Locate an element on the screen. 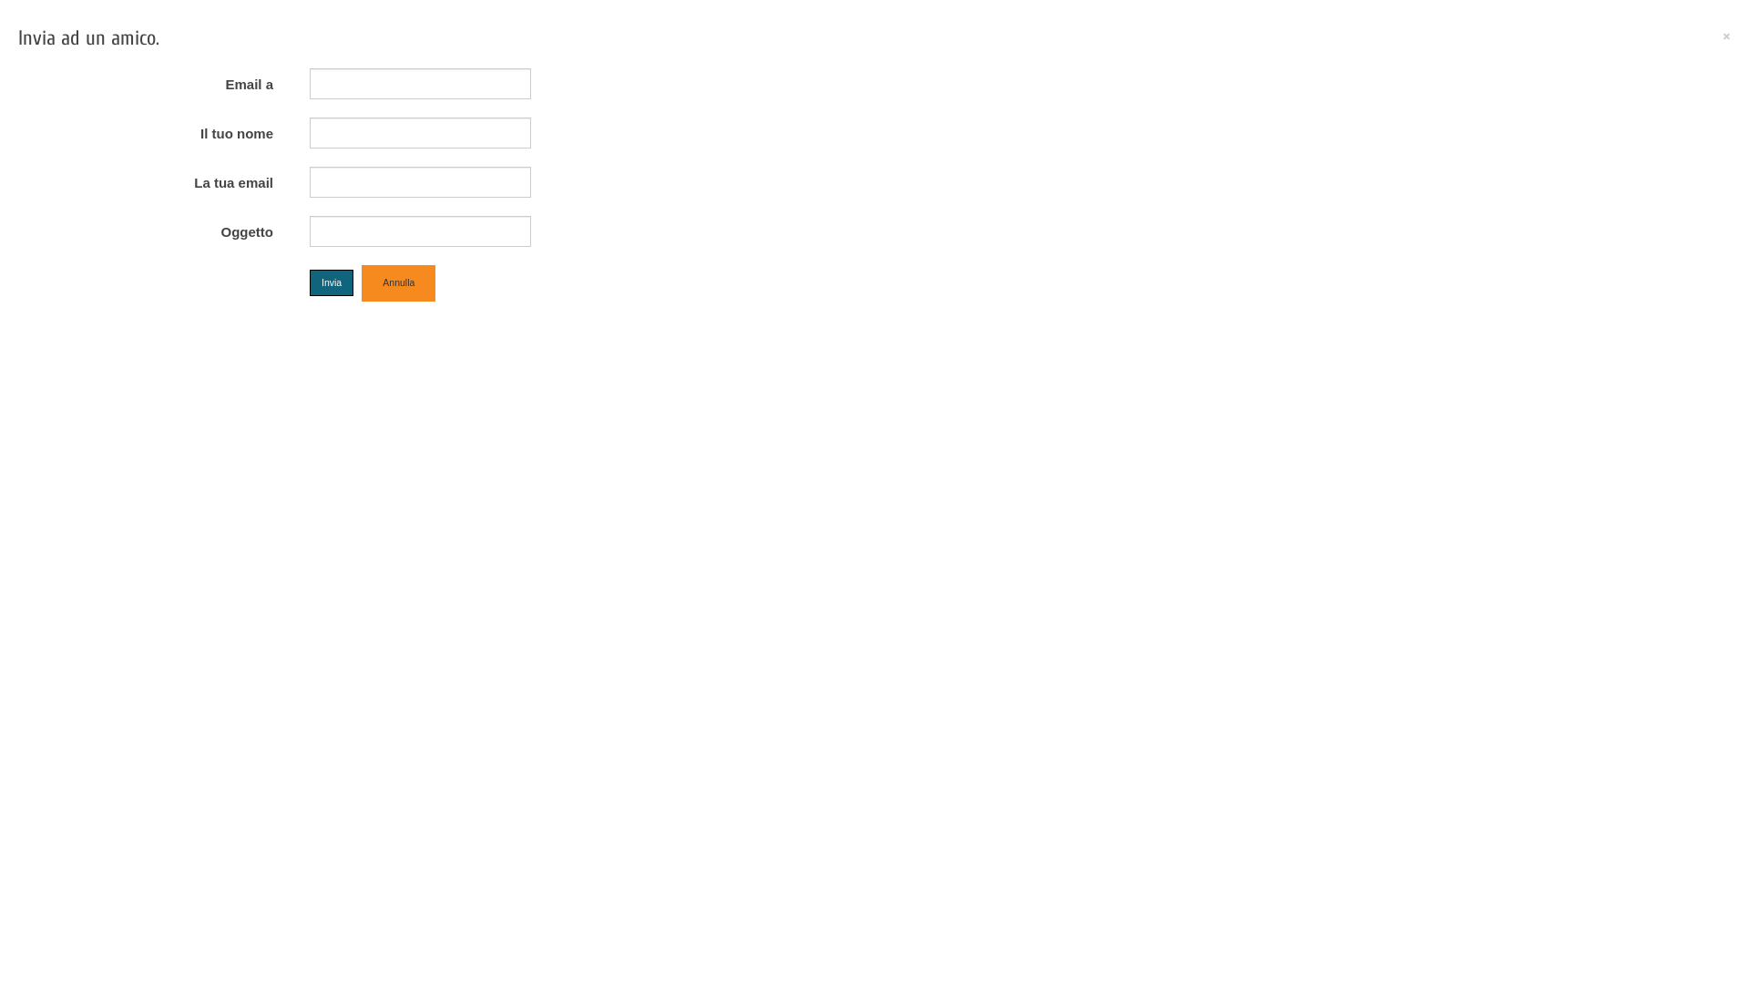  'Invia' is located at coordinates (332, 282).